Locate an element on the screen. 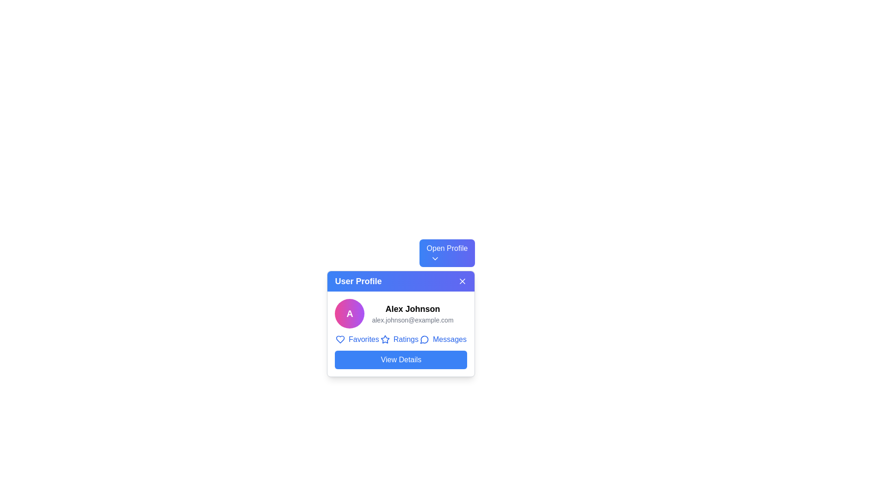 The image size is (888, 499). the icon to the right of the 'Open Profile' button, which indicates that it can be interacted with is located at coordinates (434, 258).